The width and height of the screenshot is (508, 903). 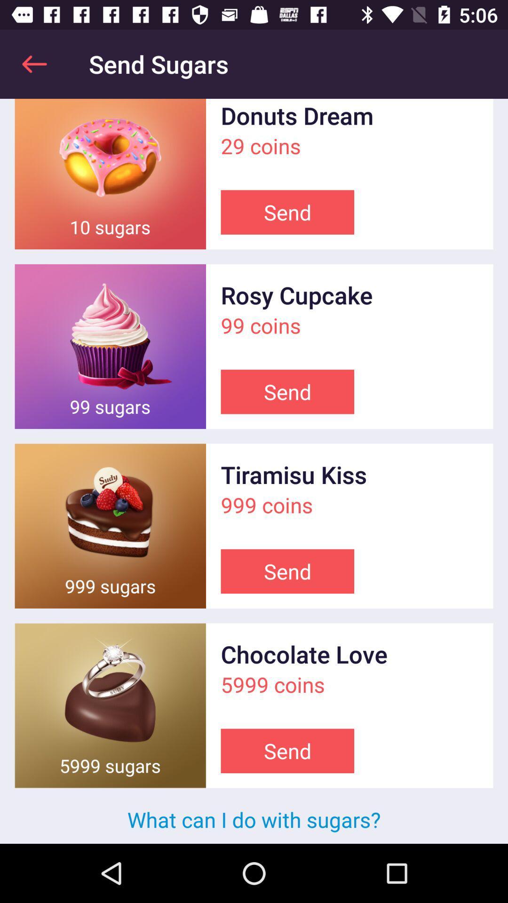 What do you see at coordinates (110, 346) in the screenshot?
I see `open rosy cupcake option` at bounding box center [110, 346].